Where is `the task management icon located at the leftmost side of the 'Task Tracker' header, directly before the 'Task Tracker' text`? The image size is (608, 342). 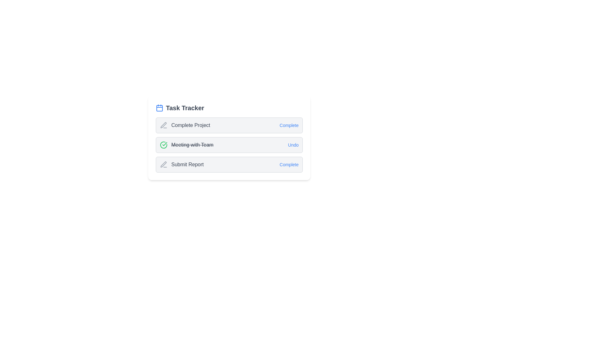
the task management icon located at the leftmost side of the 'Task Tracker' header, directly before the 'Task Tracker' text is located at coordinates (160, 107).